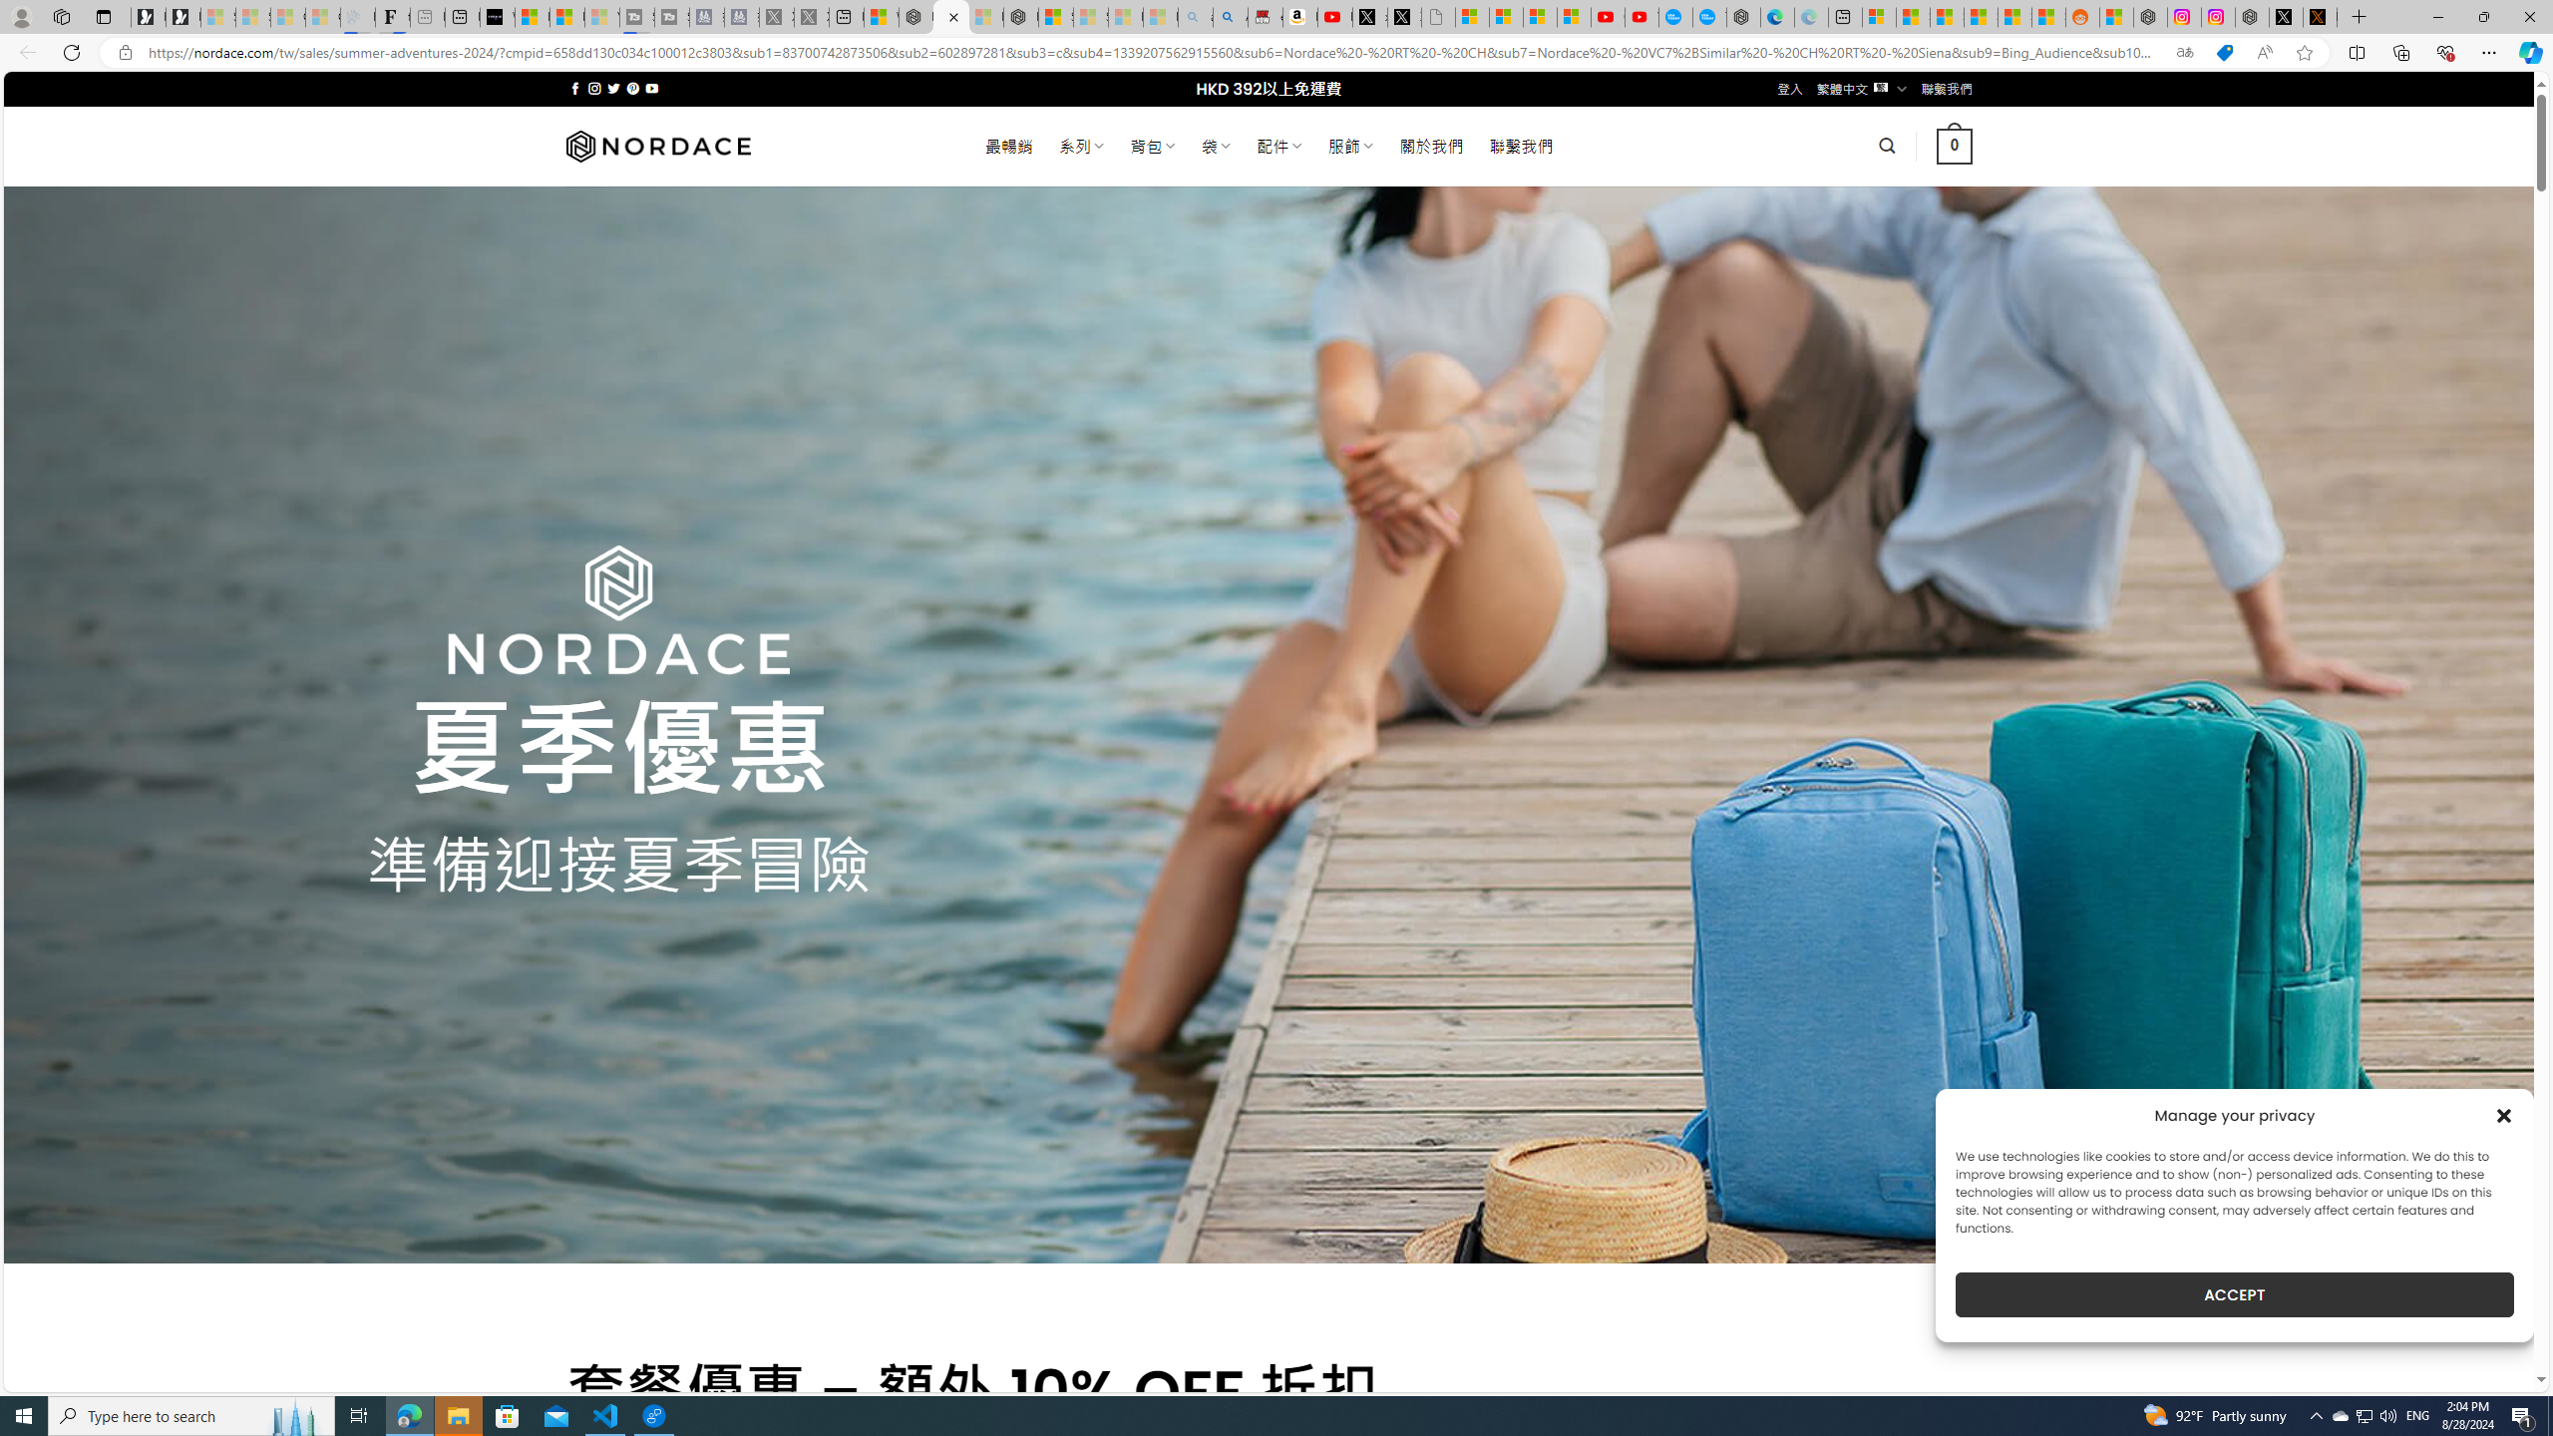 The image size is (2553, 1436). Describe the element at coordinates (1955, 145) in the screenshot. I see `'  0  '` at that location.